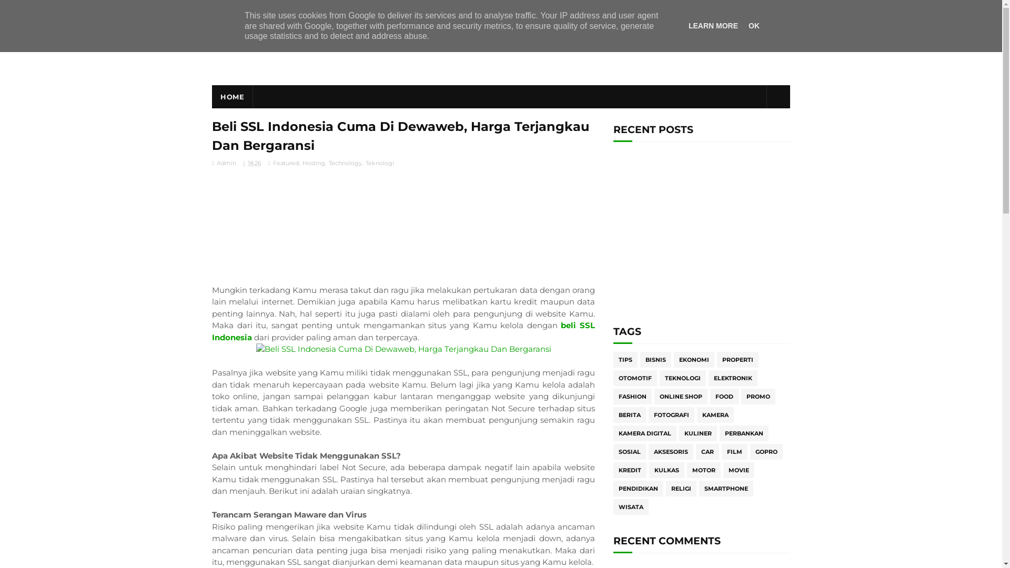 The height and width of the screenshot is (568, 1010). I want to click on 'CAR', so click(707, 451).